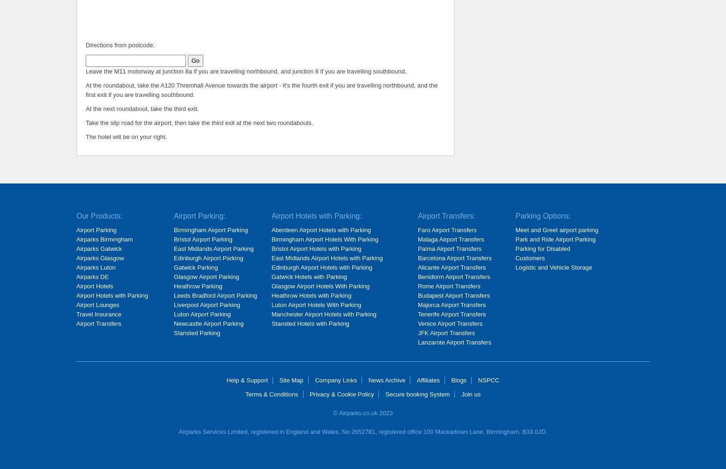  I want to click on 'Airparks Glasgow', so click(76, 258).